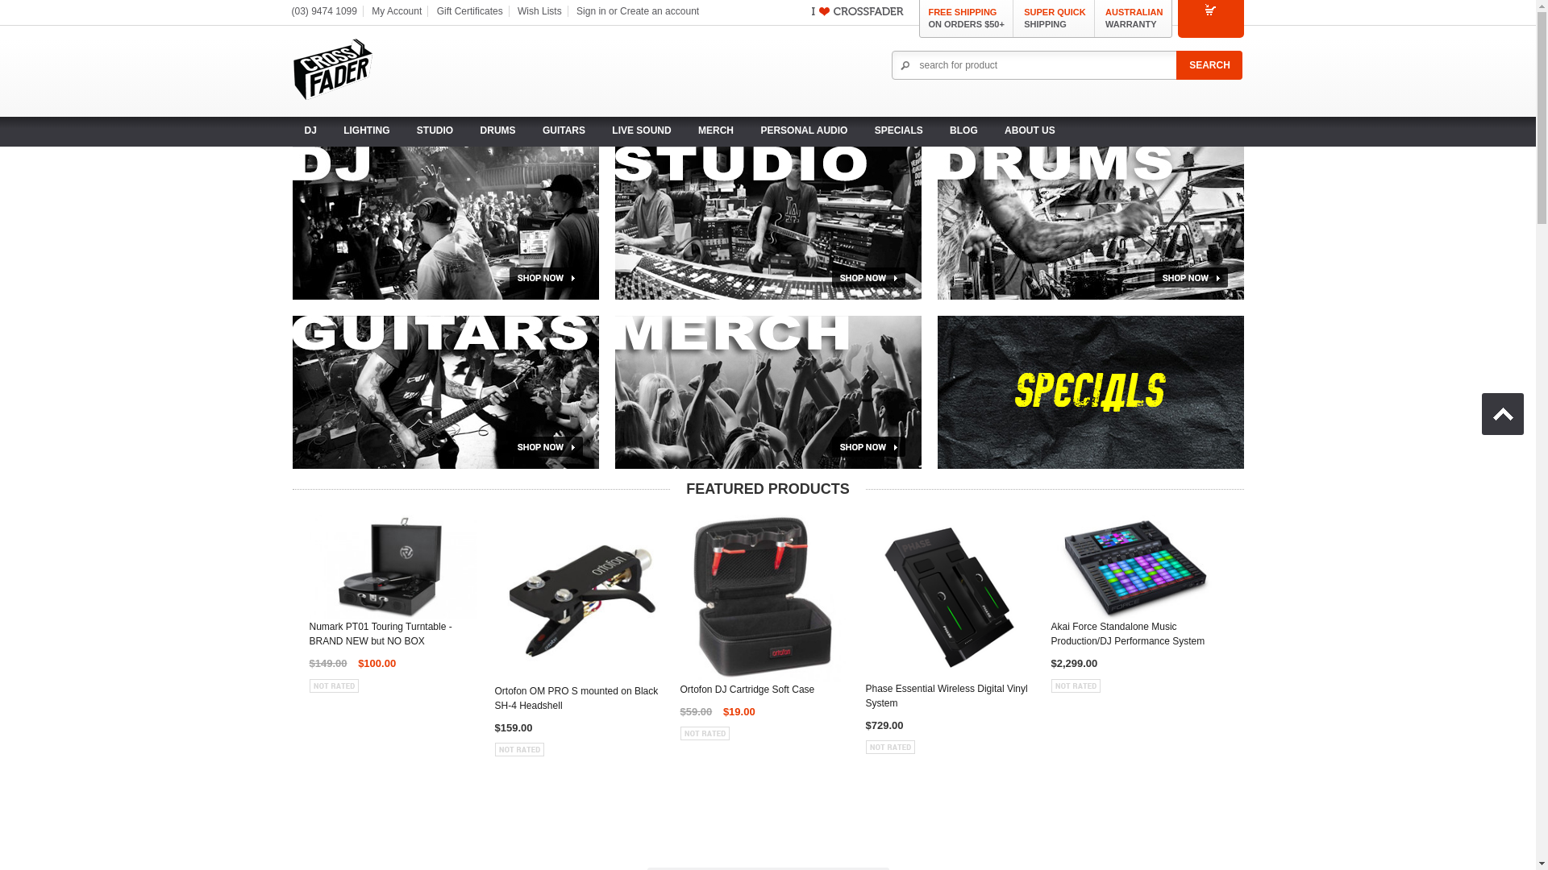  I want to click on 'SEARCH', so click(1209, 64).